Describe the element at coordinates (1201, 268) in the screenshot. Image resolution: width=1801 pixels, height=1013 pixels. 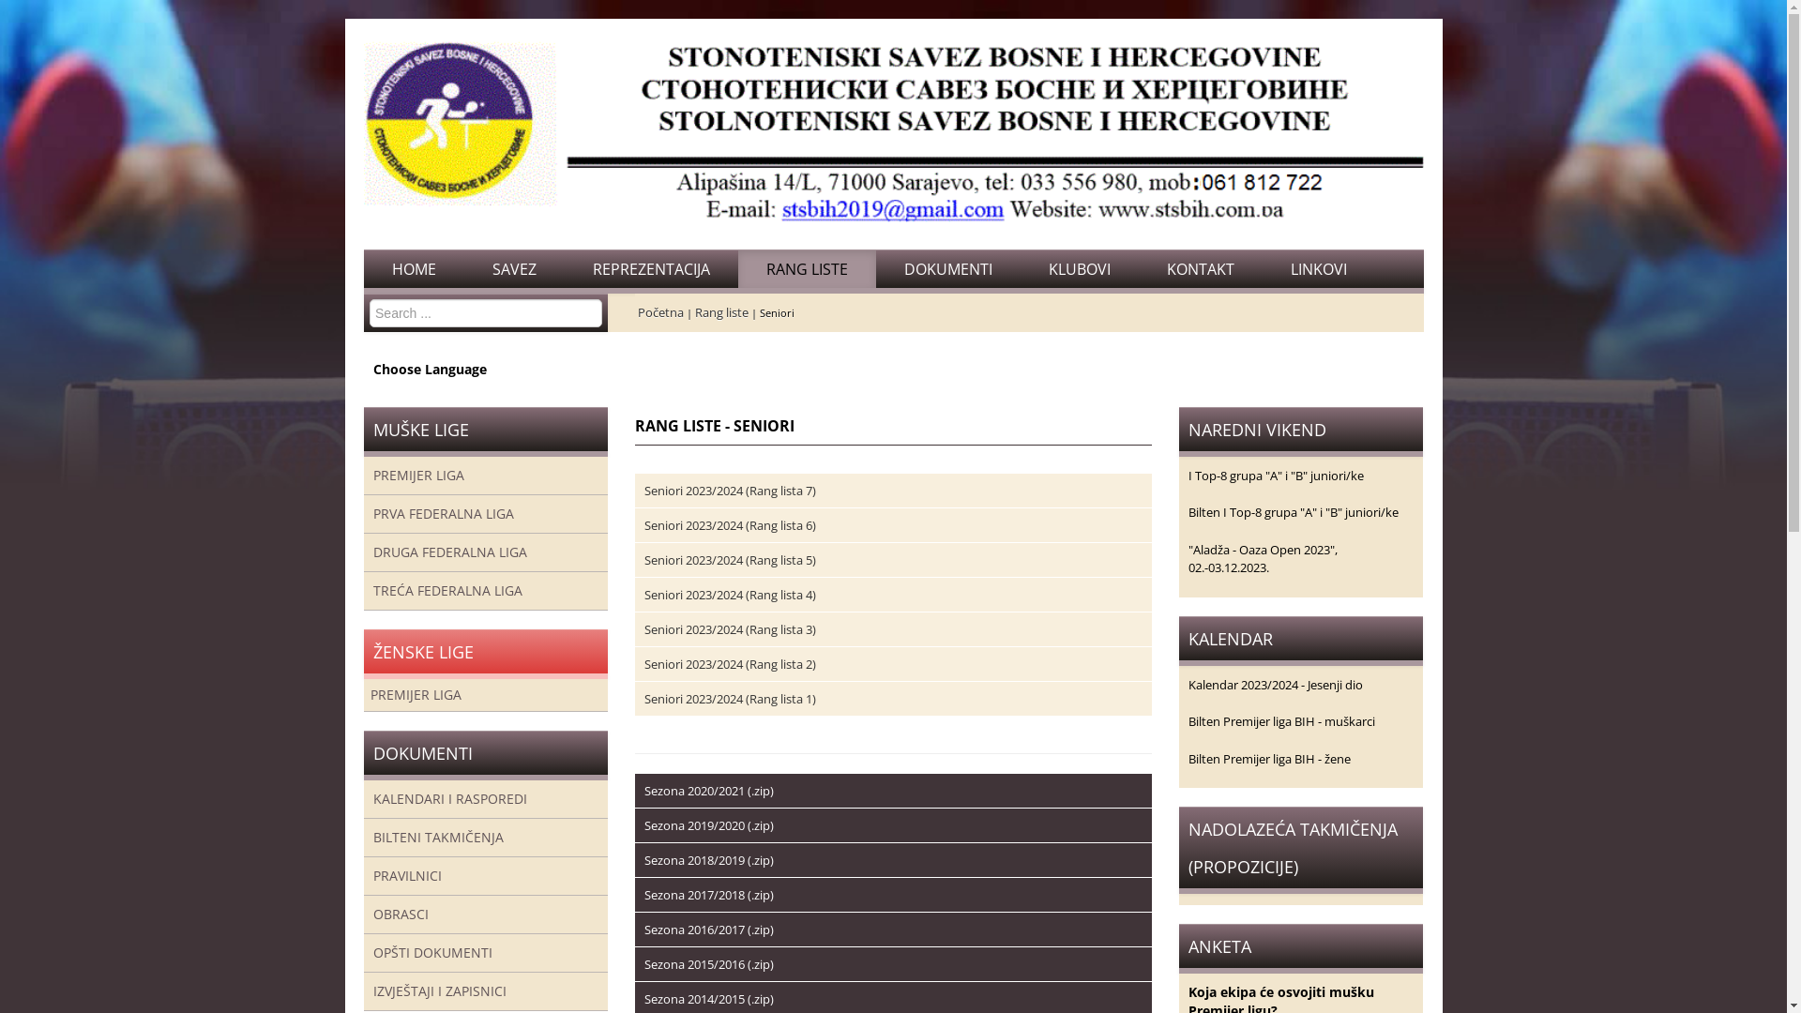
I see `'KONTAKT'` at that location.